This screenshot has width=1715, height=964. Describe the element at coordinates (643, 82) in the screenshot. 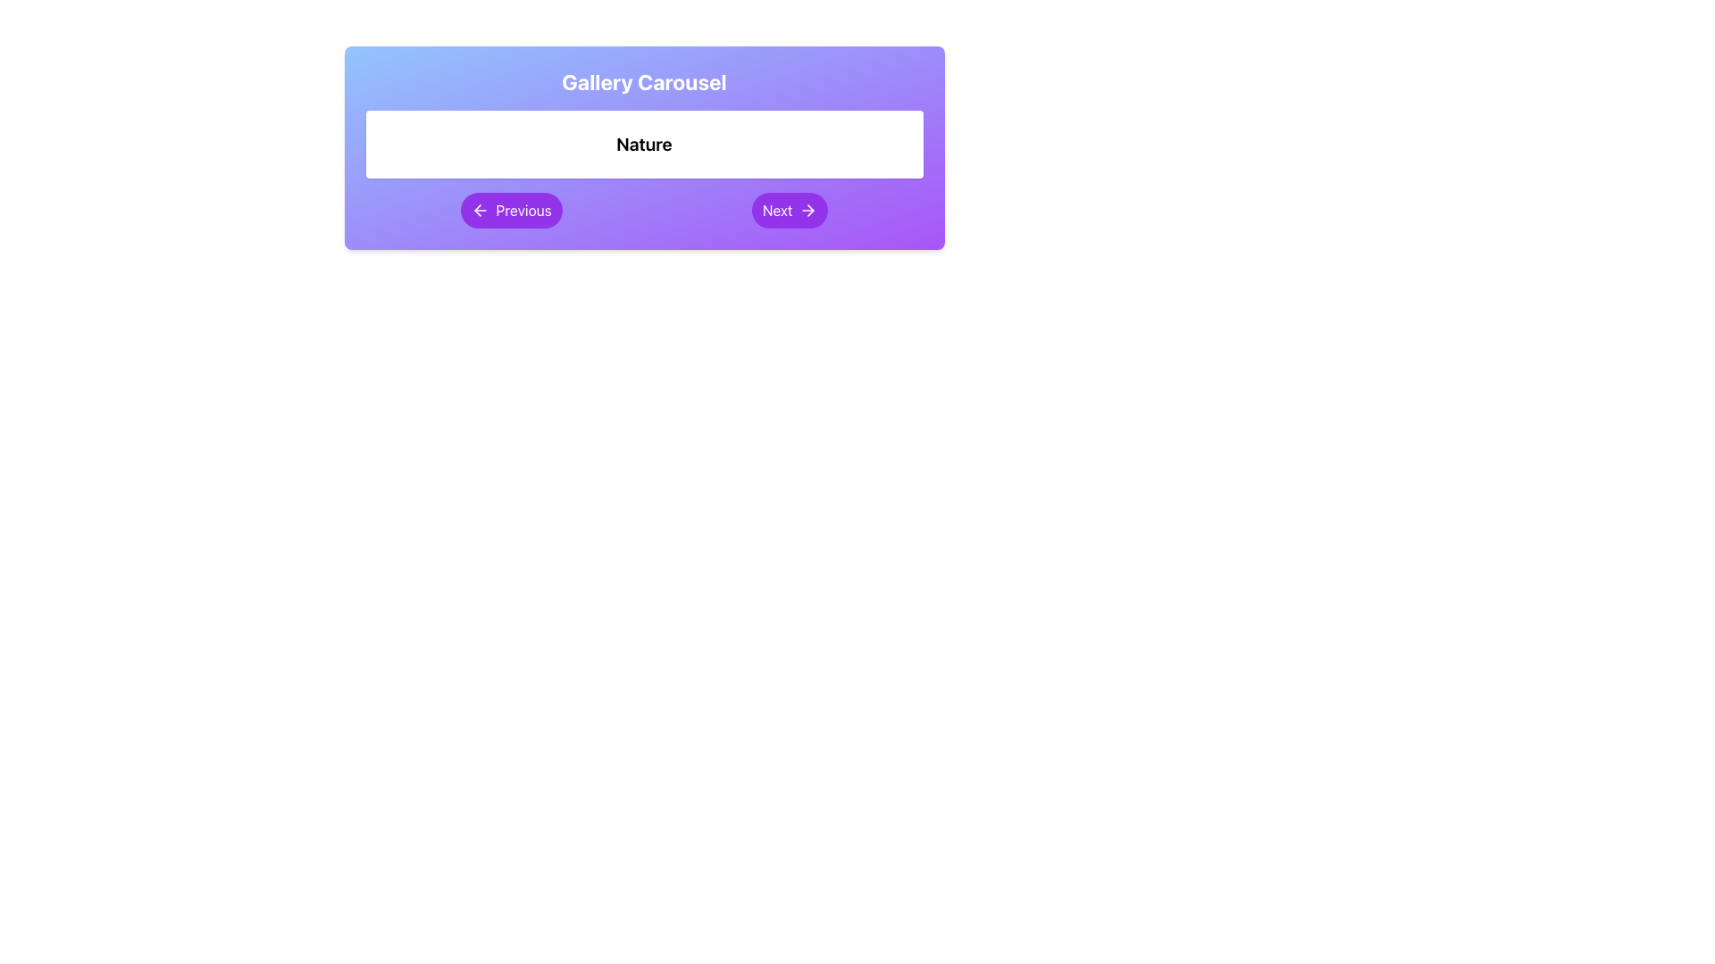

I see `the centered title text that is bold, white, and large, located at the top center of the gradient background section` at that location.